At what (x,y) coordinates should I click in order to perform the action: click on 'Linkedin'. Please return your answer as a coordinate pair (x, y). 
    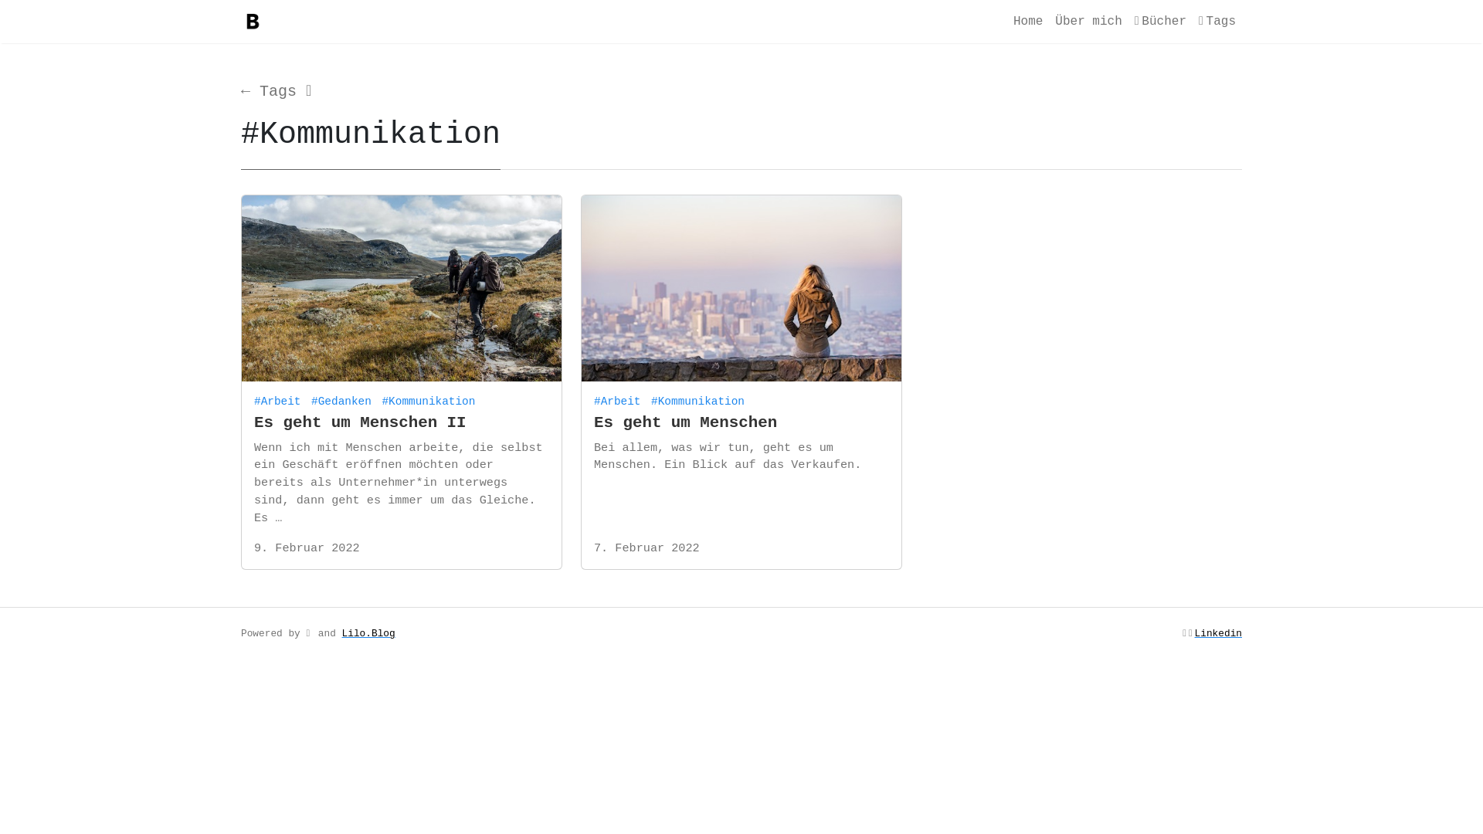
    Looking at the image, I should click on (1217, 633).